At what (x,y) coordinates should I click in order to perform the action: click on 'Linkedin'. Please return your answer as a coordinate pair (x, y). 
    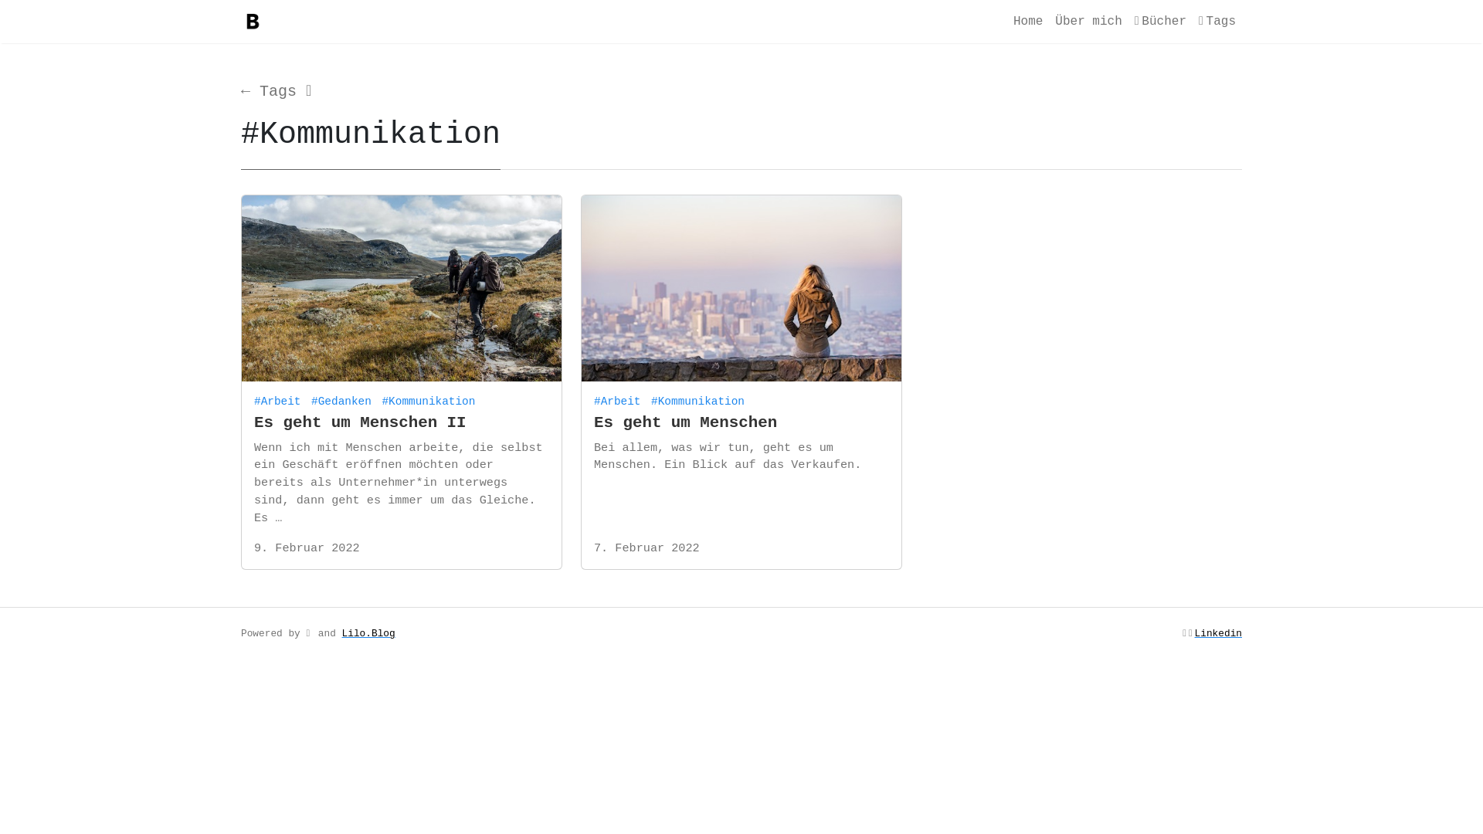
    Looking at the image, I should click on (1217, 633).